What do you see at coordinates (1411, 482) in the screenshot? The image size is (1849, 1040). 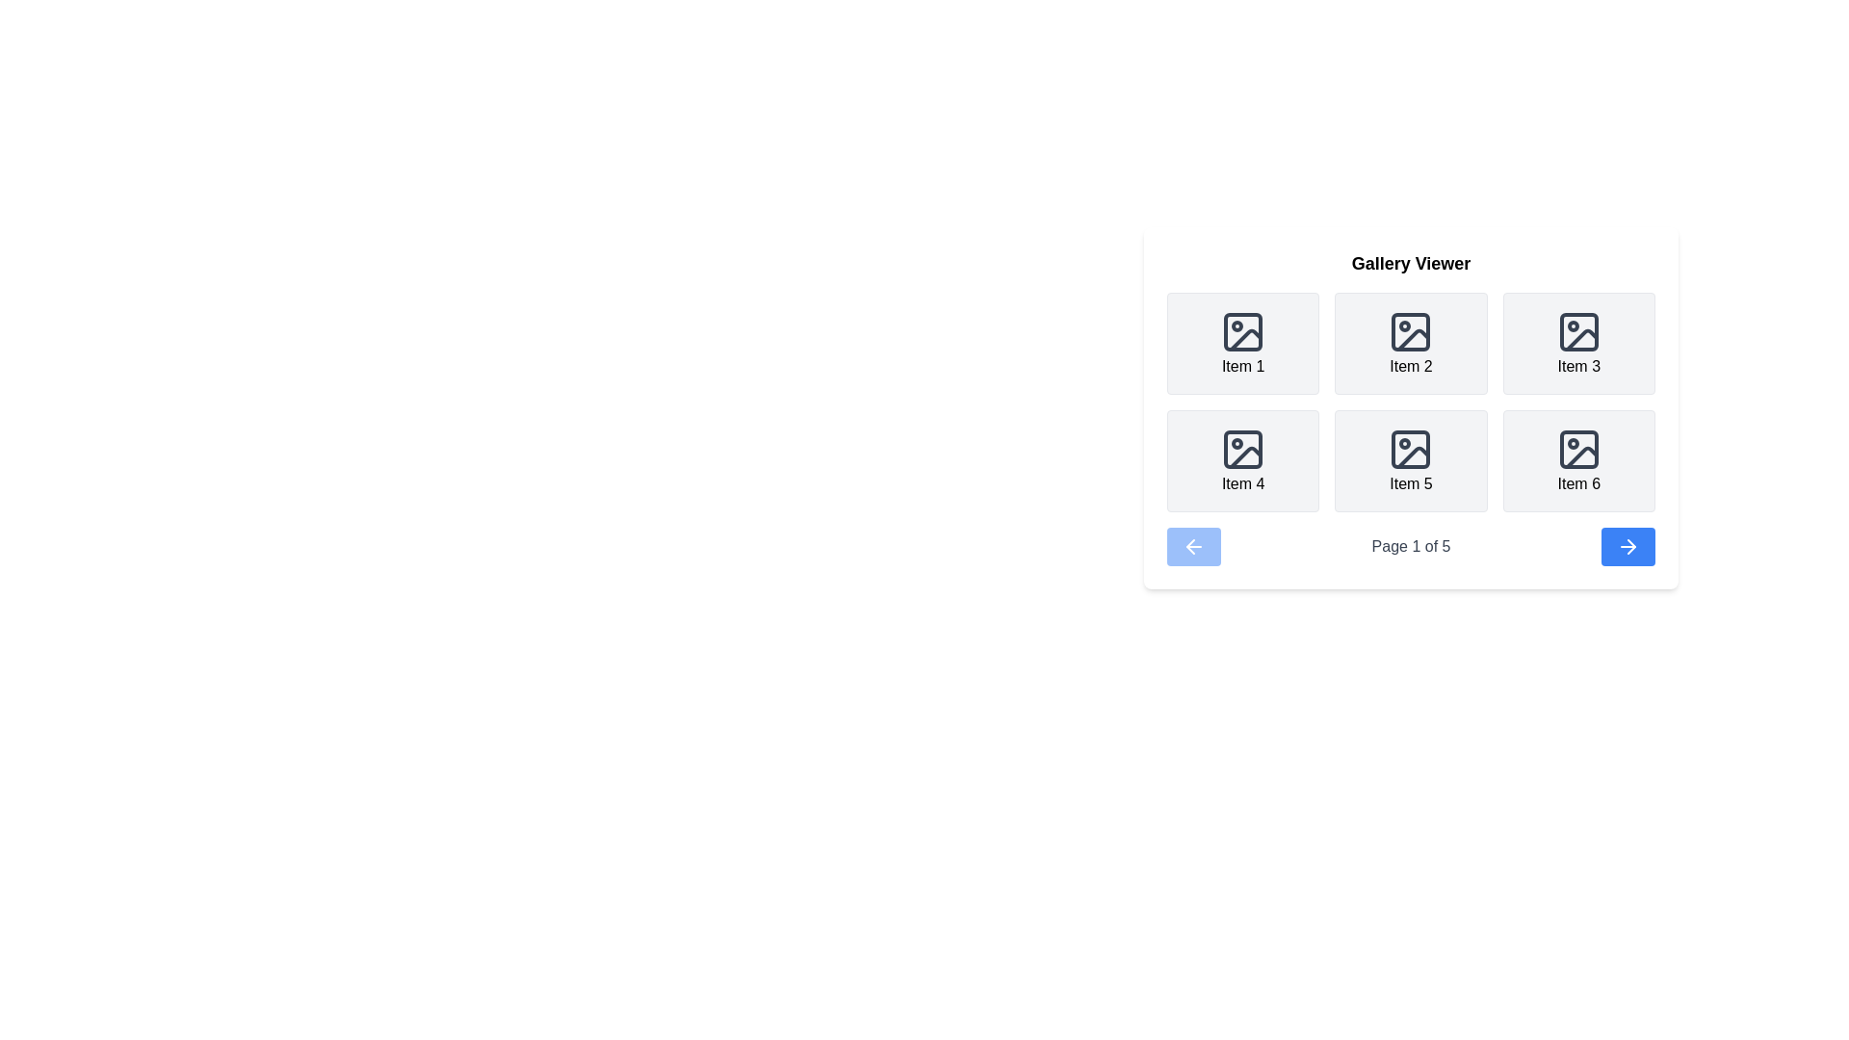 I see `the text label displaying 'Item 5' in a black sans-serif font, located below the fifth icon in a grid layout of six items` at bounding box center [1411, 482].